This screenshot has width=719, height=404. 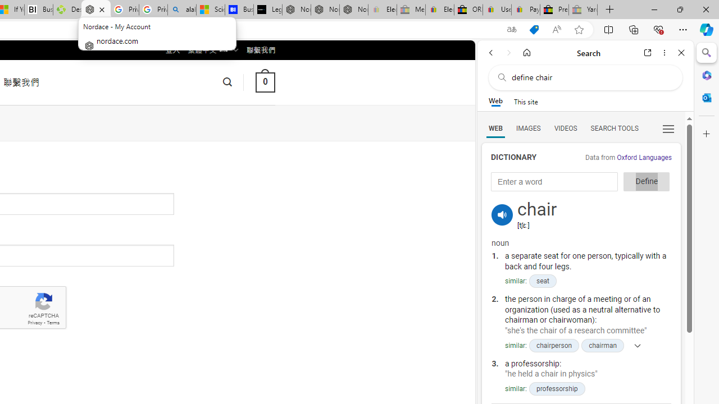 What do you see at coordinates (602, 345) in the screenshot?
I see `'chairman'` at bounding box center [602, 345].